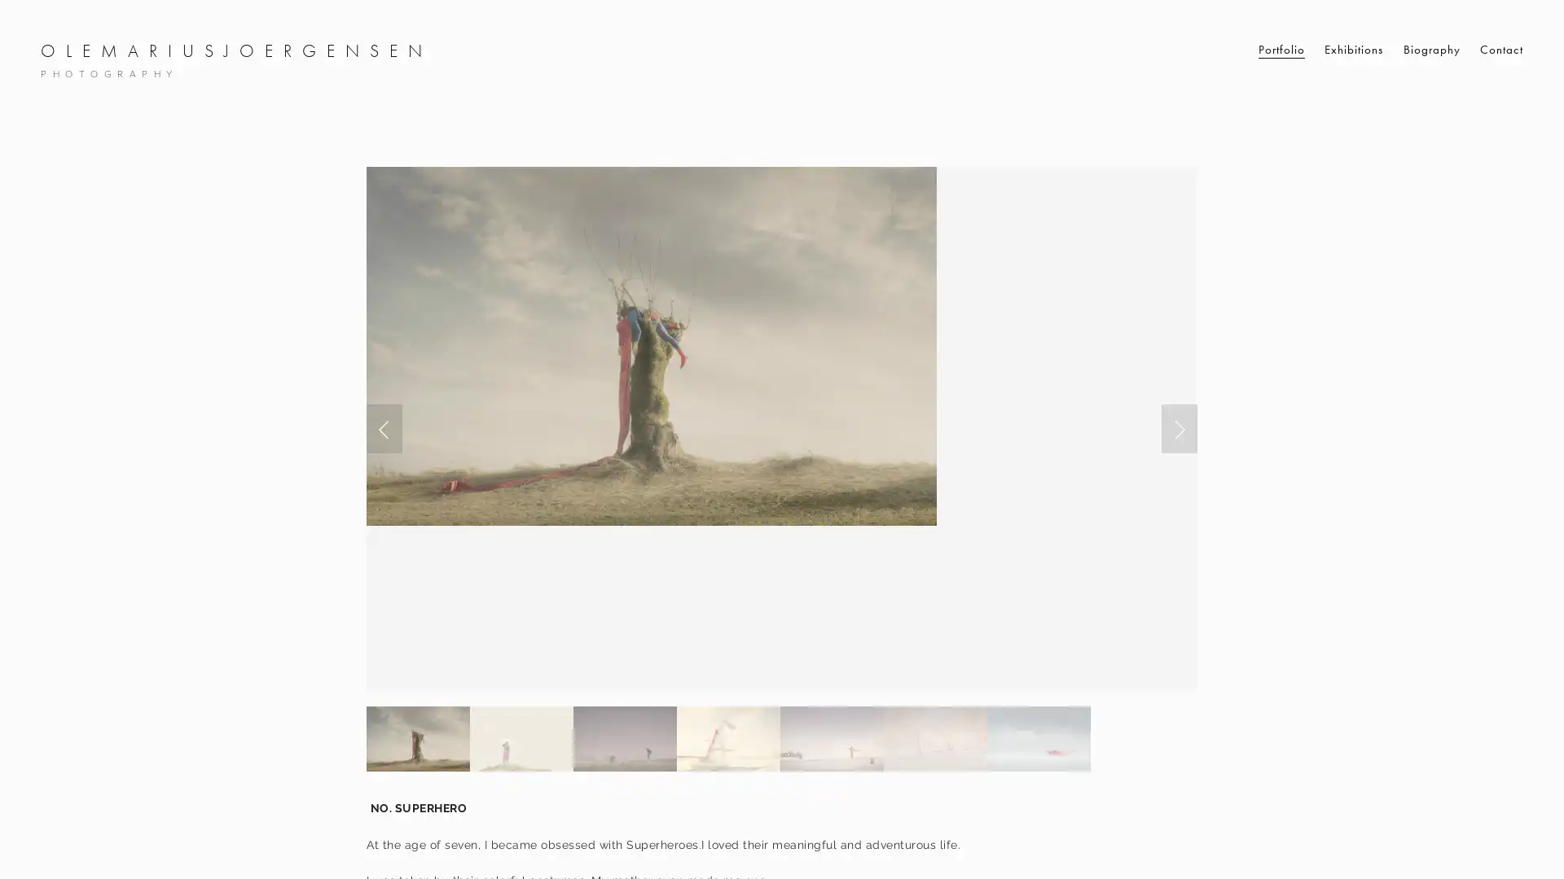  Describe the element at coordinates (1180, 426) in the screenshot. I see `Next Slide` at that location.